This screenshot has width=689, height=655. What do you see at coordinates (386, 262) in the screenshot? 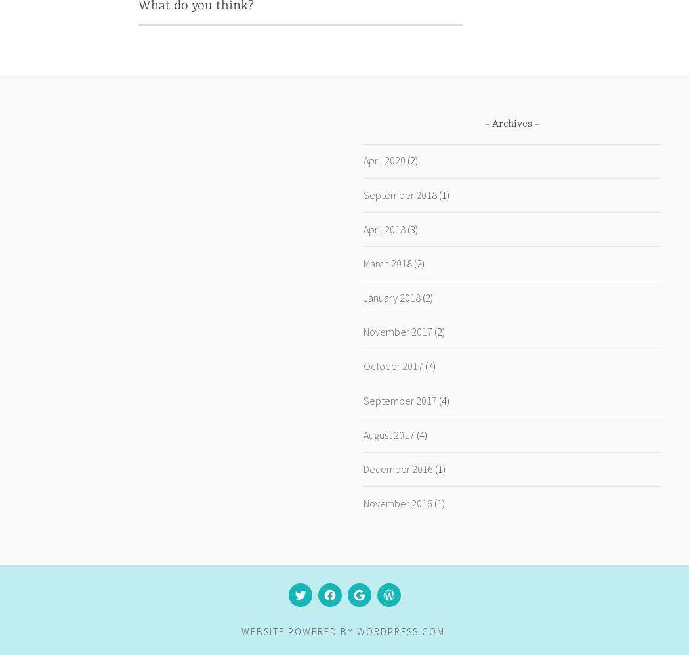
I see `'March 2018'` at bounding box center [386, 262].